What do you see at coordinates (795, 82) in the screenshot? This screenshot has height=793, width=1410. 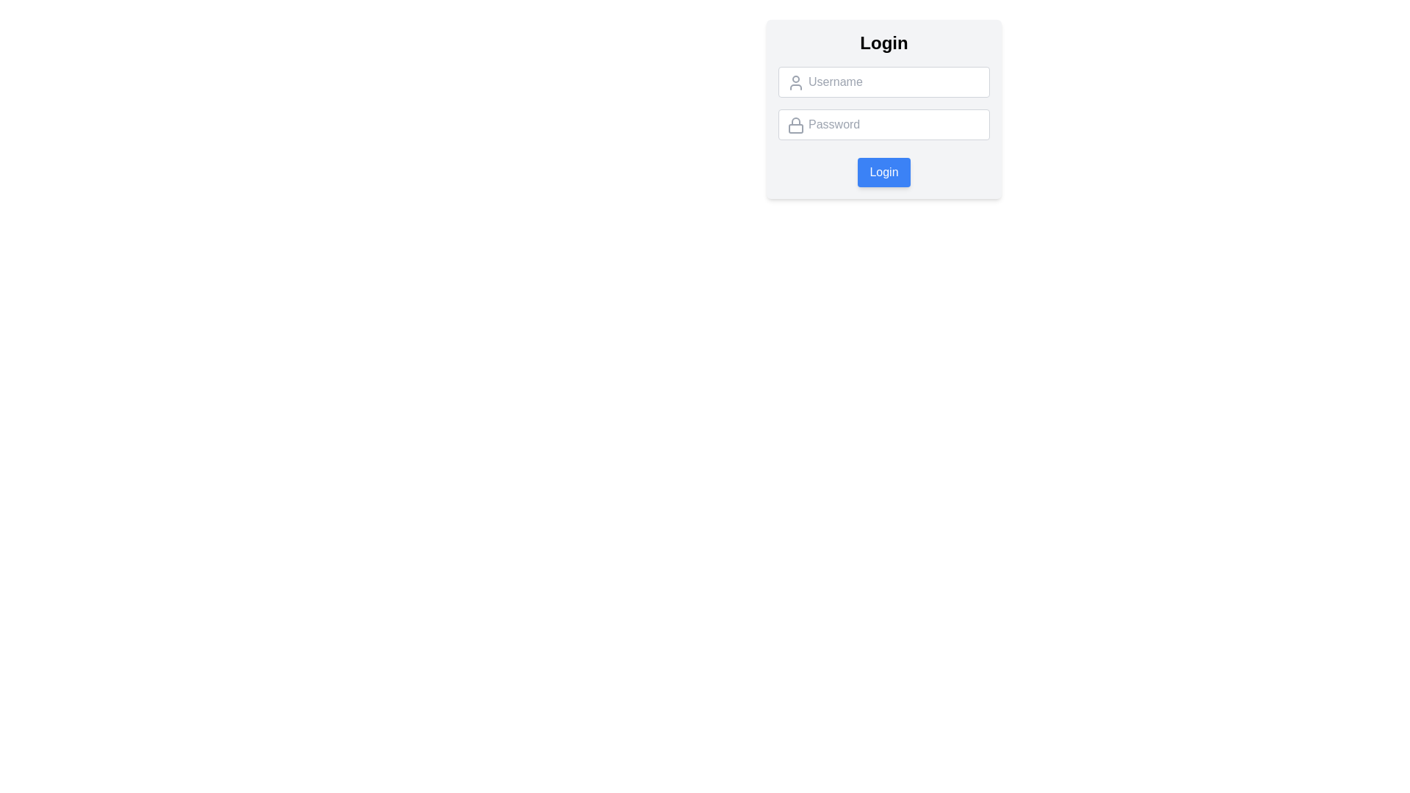 I see `the username icon located inside the username input field, positioned to the left of the text entry area` at bounding box center [795, 82].